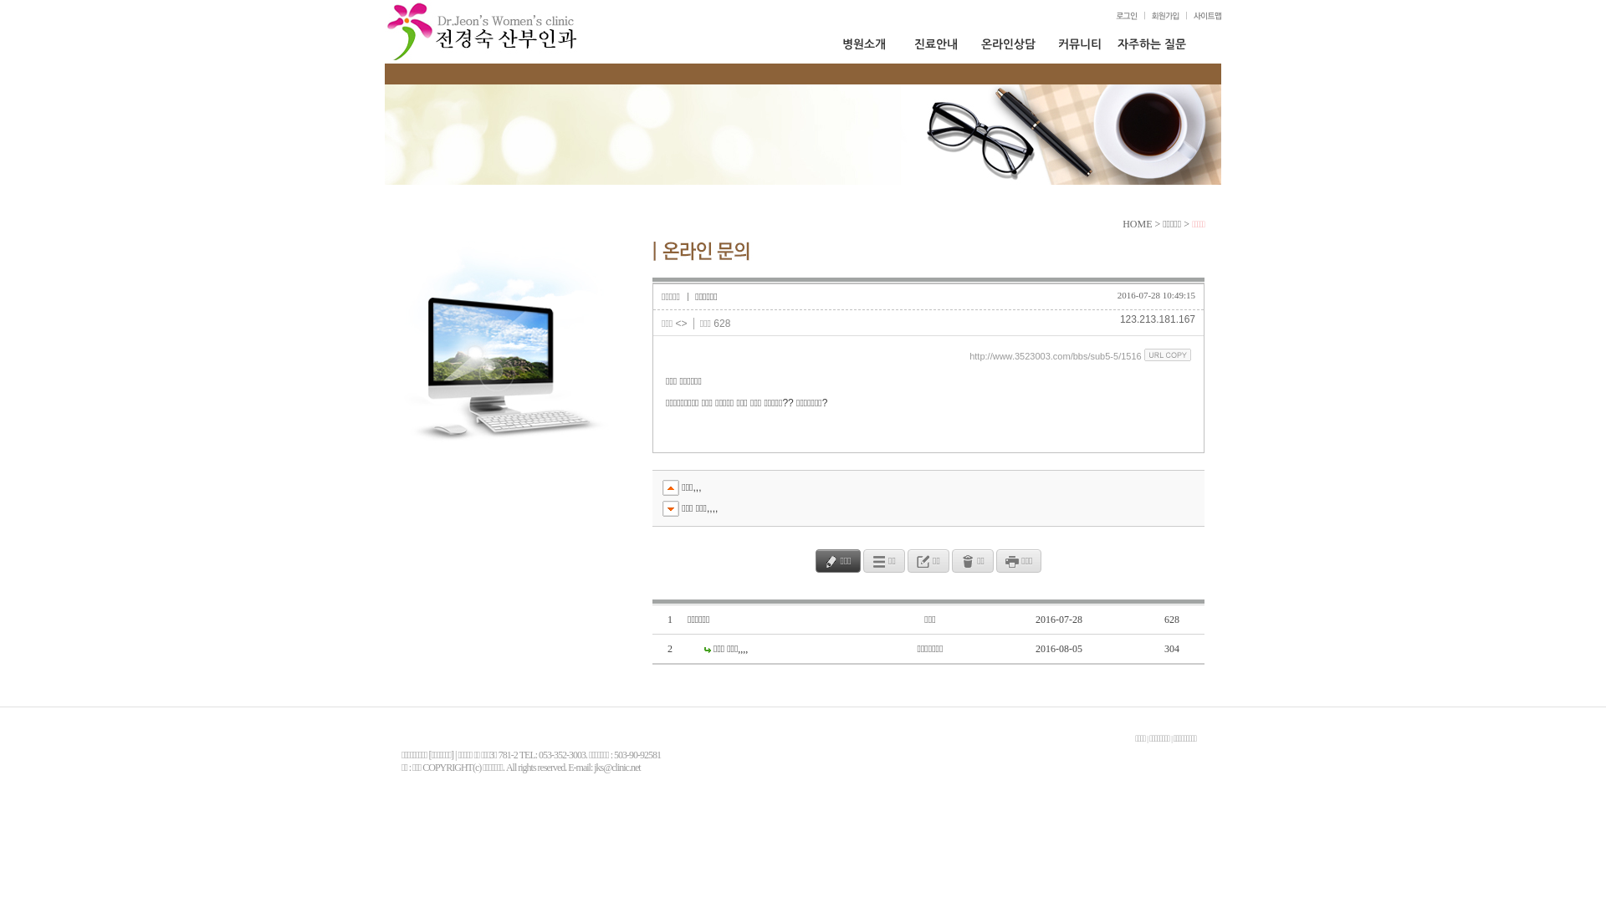 The width and height of the screenshot is (1606, 903). What do you see at coordinates (1054, 355) in the screenshot?
I see `'http://www.3523003.com/bbs/sub5-5/1516'` at bounding box center [1054, 355].